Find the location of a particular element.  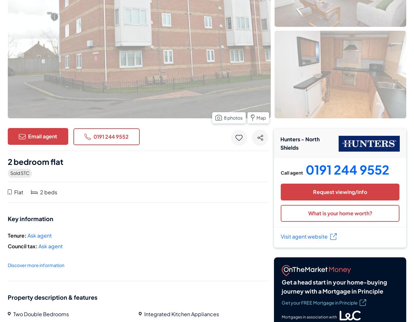

'Email agent' is located at coordinates (28, 136).